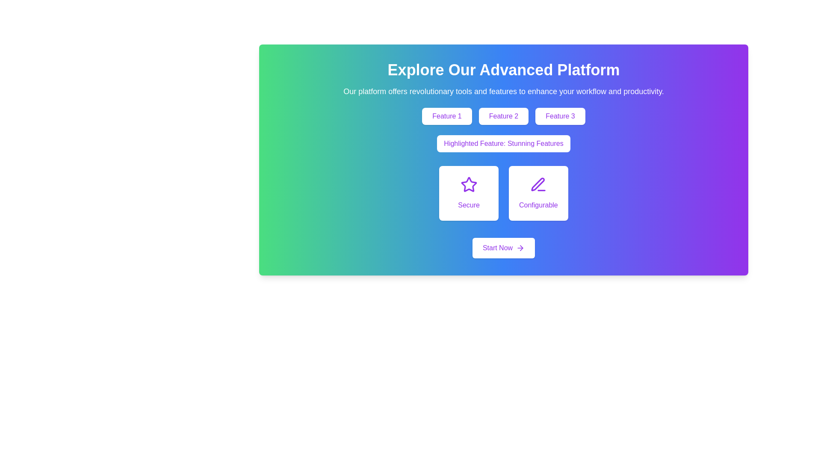 The width and height of the screenshot is (821, 462). Describe the element at coordinates (560, 116) in the screenshot. I see `the interactive button labeled 'Feature 3' to observe its hover effect` at that location.